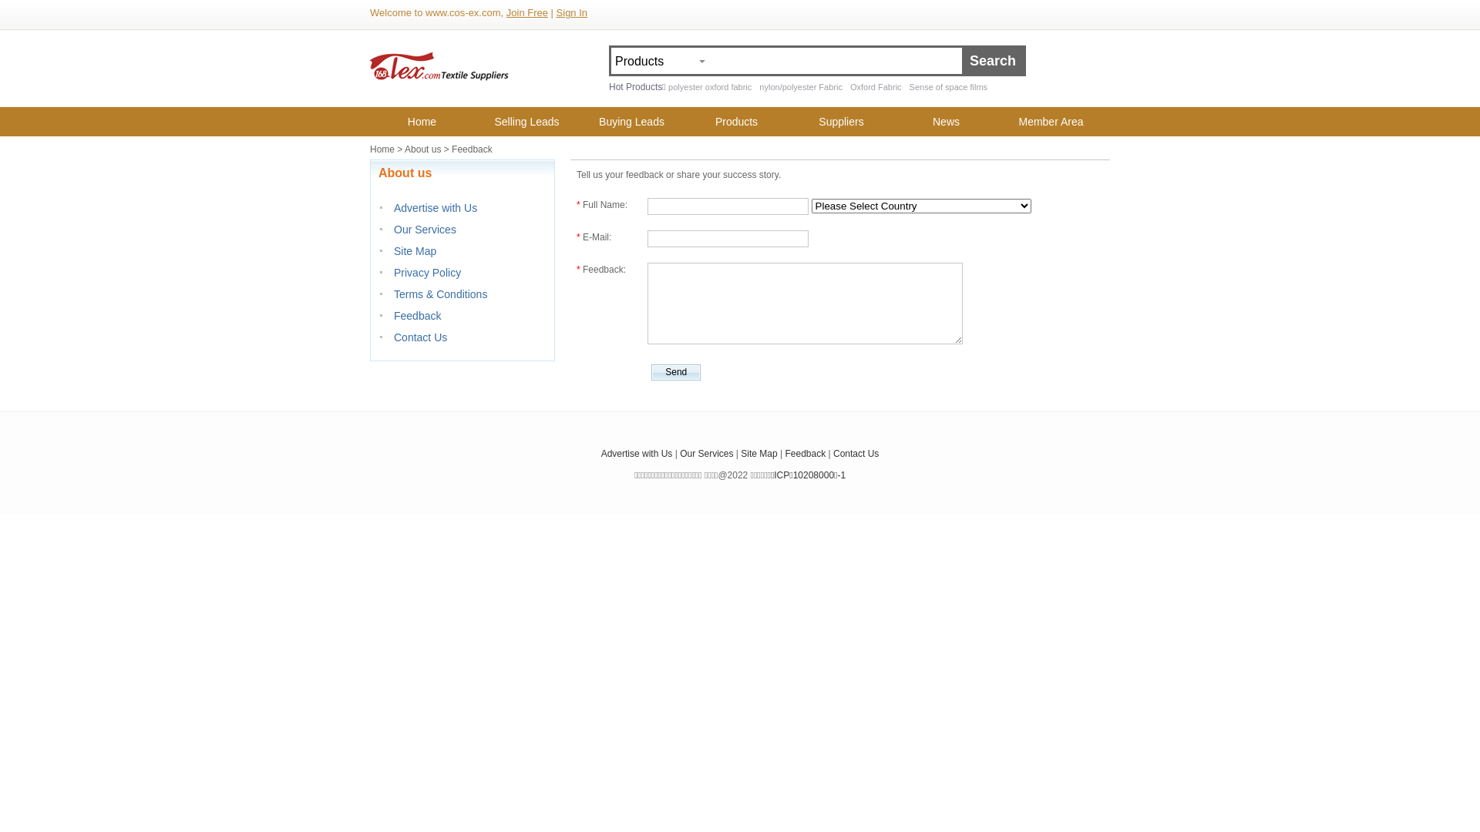  What do you see at coordinates (992, 59) in the screenshot?
I see `'Search'` at bounding box center [992, 59].